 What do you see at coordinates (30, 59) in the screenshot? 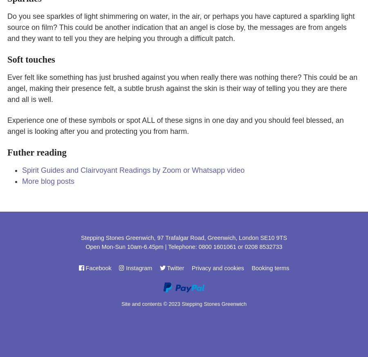
I see `'Soft touches'` at bounding box center [30, 59].